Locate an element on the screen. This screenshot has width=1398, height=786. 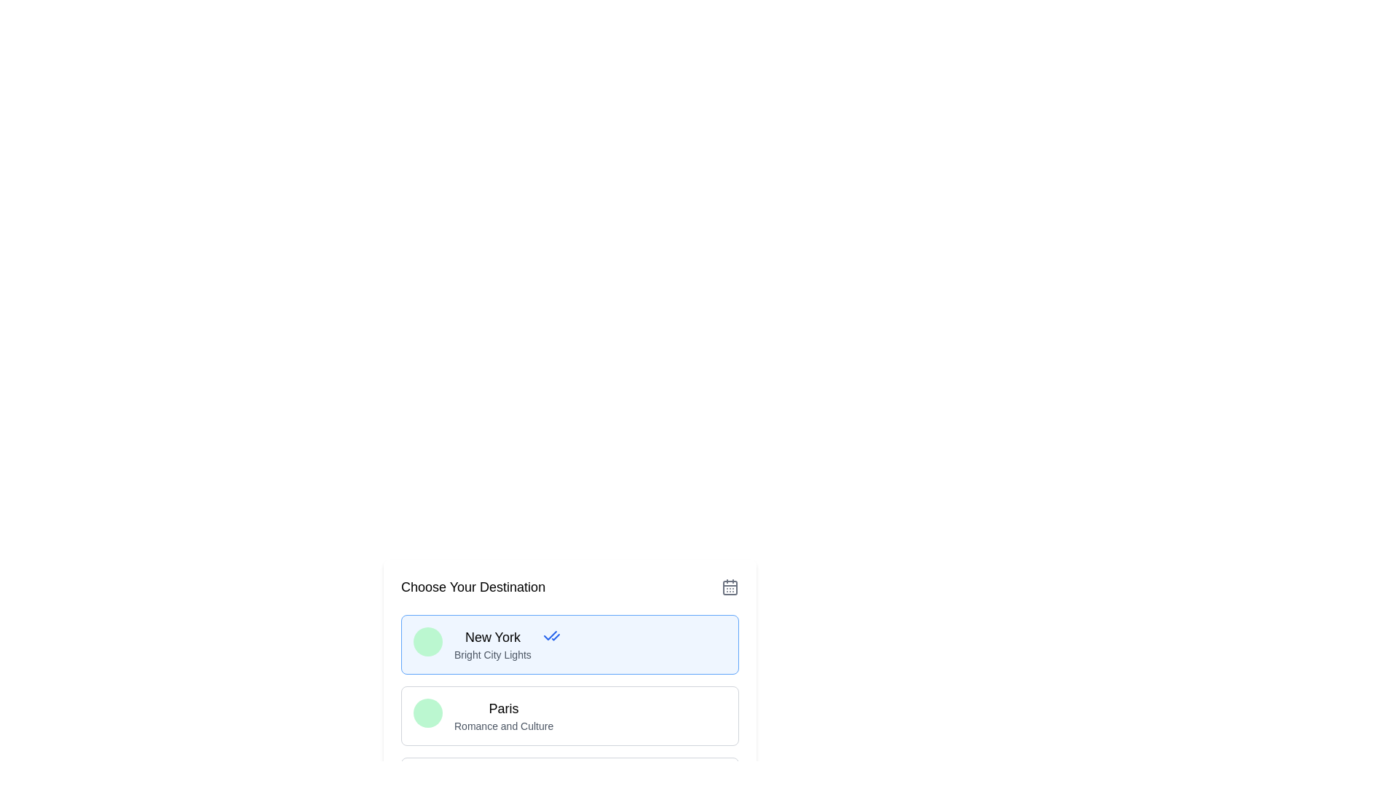
text label that highlights the destination 'New York' within the card, which is positioned above the subtitle 'Bright City Lights' is located at coordinates (492, 636).